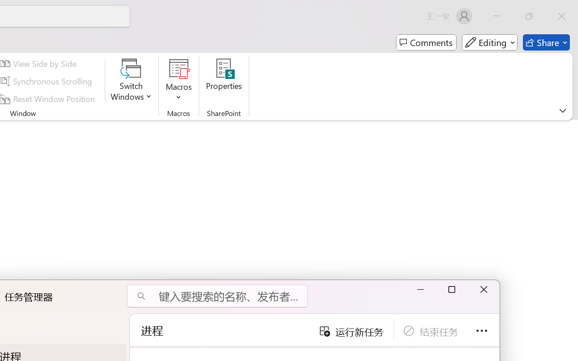 The width and height of the screenshot is (578, 361). What do you see at coordinates (562, 110) in the screenshot?
I see `'Ribbon Display Options'` at bounding box center [562, 110].